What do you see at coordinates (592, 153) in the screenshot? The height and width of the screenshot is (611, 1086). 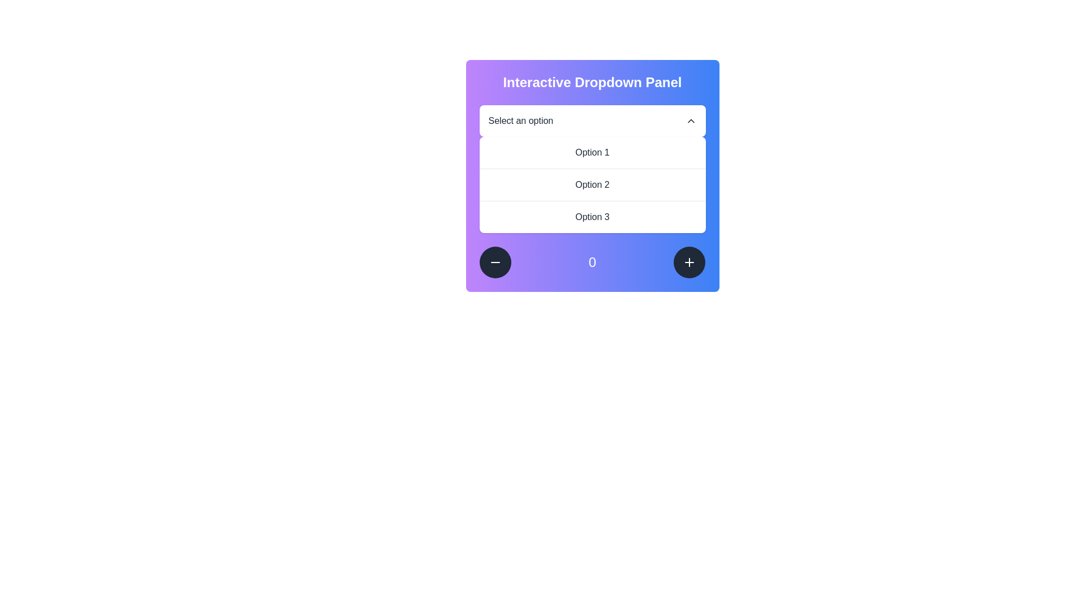 I see `the first list item labeled 'Option 1' in the dropdown panel titled 'Select an option'` at bounding box center [592, 153].